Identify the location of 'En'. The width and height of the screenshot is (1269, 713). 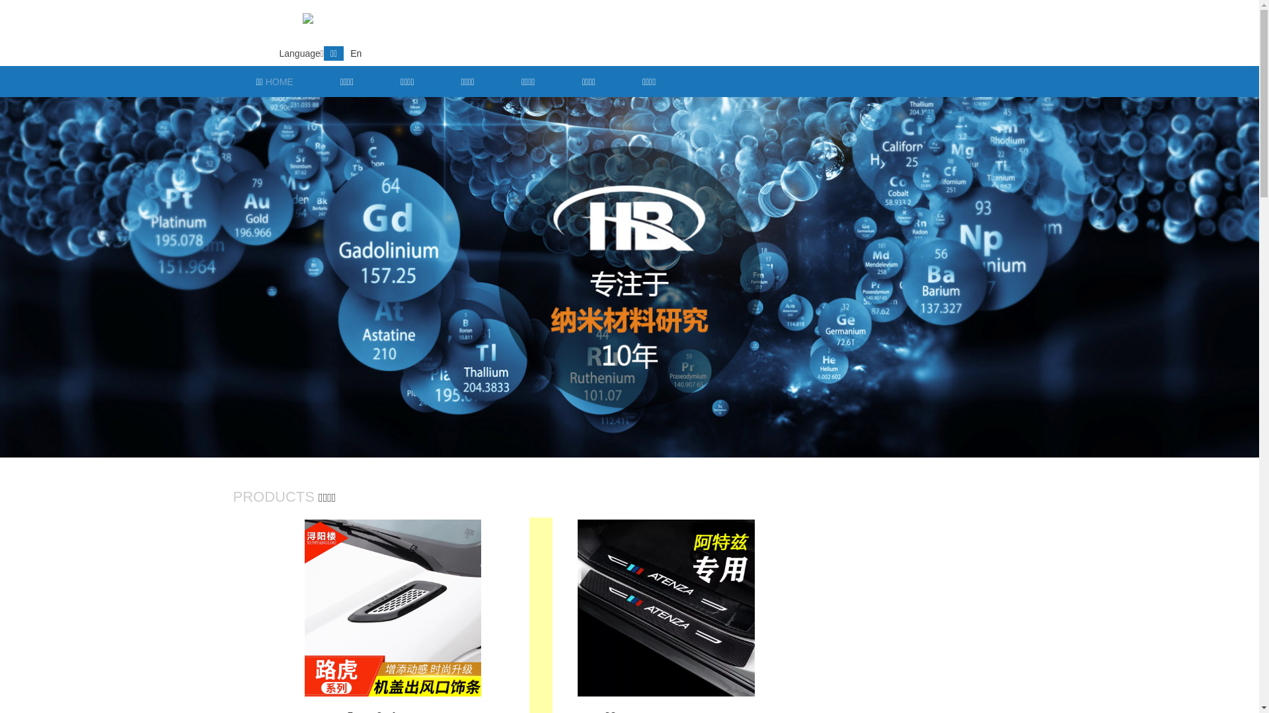
(356, 53).